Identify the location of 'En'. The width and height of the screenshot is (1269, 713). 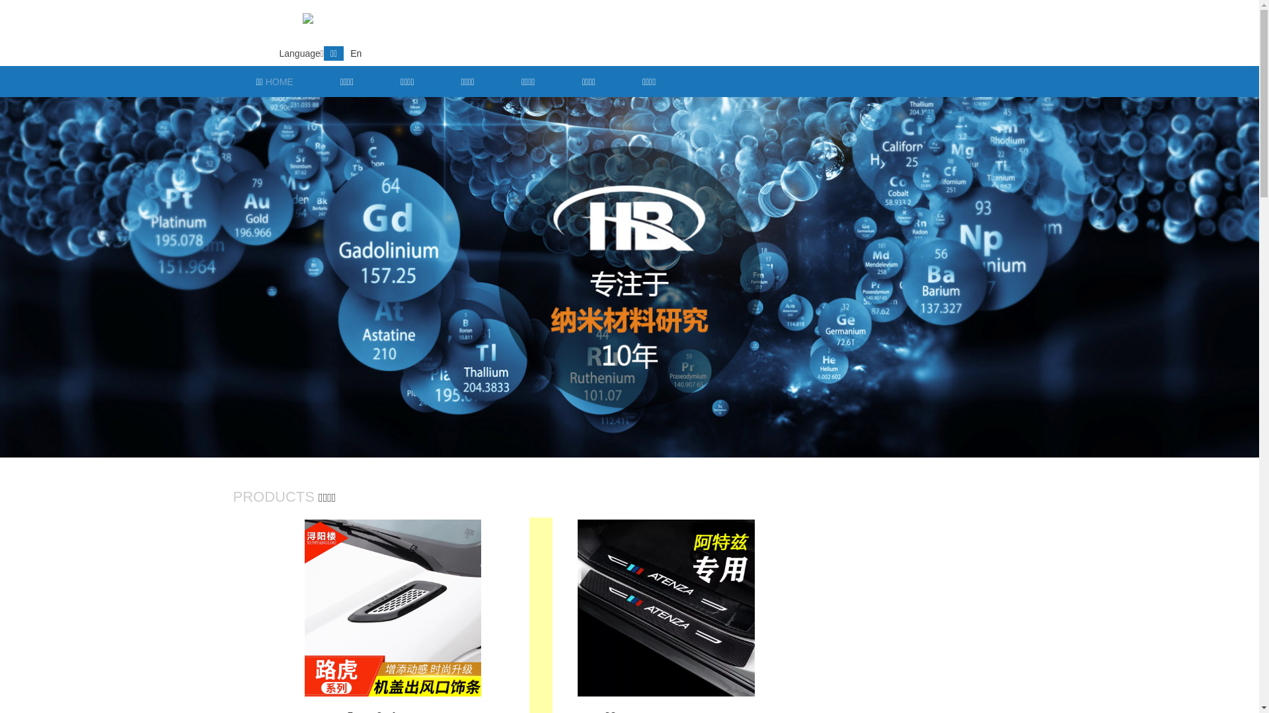
(356, 53).